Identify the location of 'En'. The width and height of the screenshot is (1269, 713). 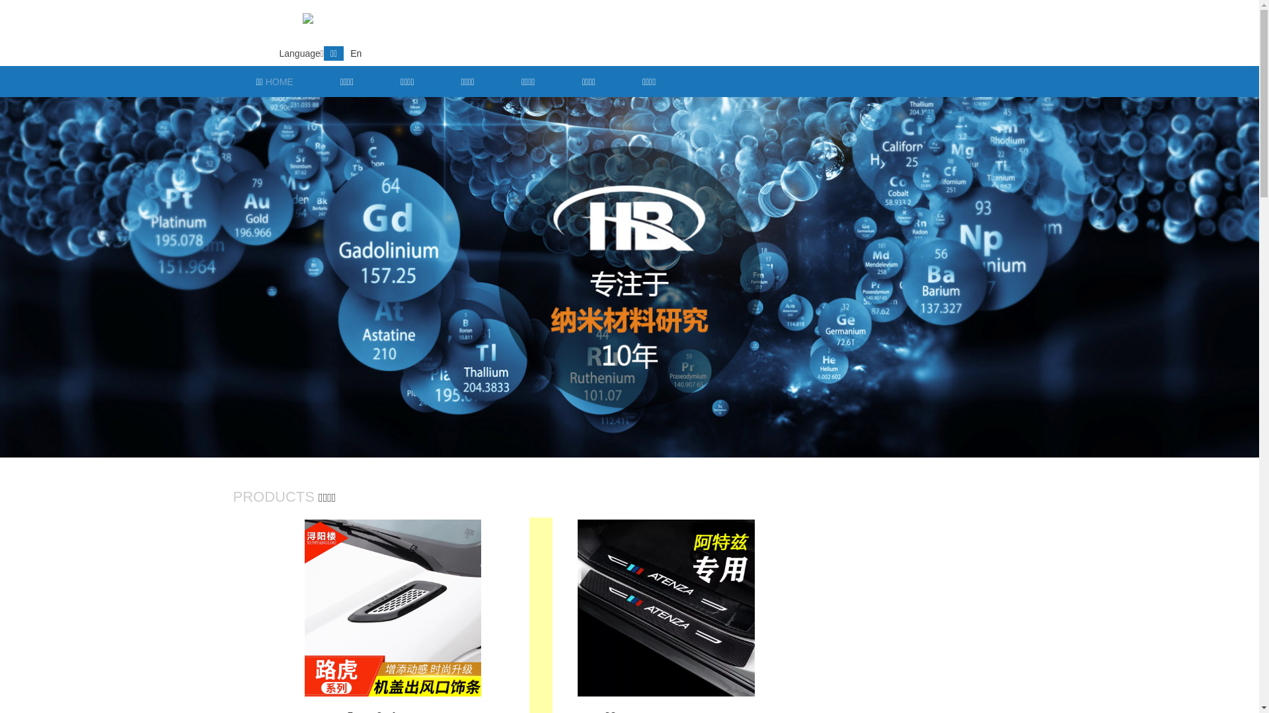
(356, 53).